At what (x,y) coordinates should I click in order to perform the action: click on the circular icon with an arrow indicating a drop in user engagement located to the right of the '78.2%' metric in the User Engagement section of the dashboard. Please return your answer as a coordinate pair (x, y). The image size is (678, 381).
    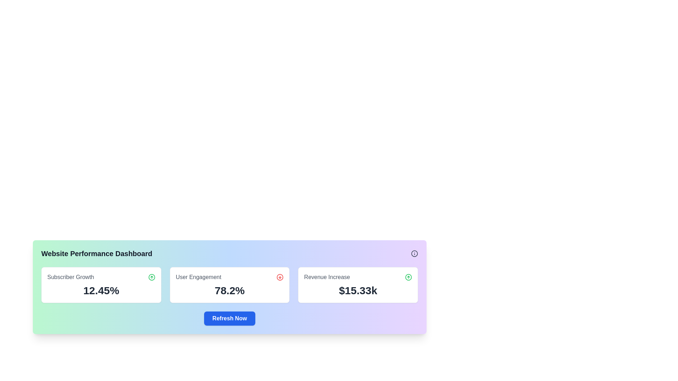
    Looking at the image, I should click on (280, 277).